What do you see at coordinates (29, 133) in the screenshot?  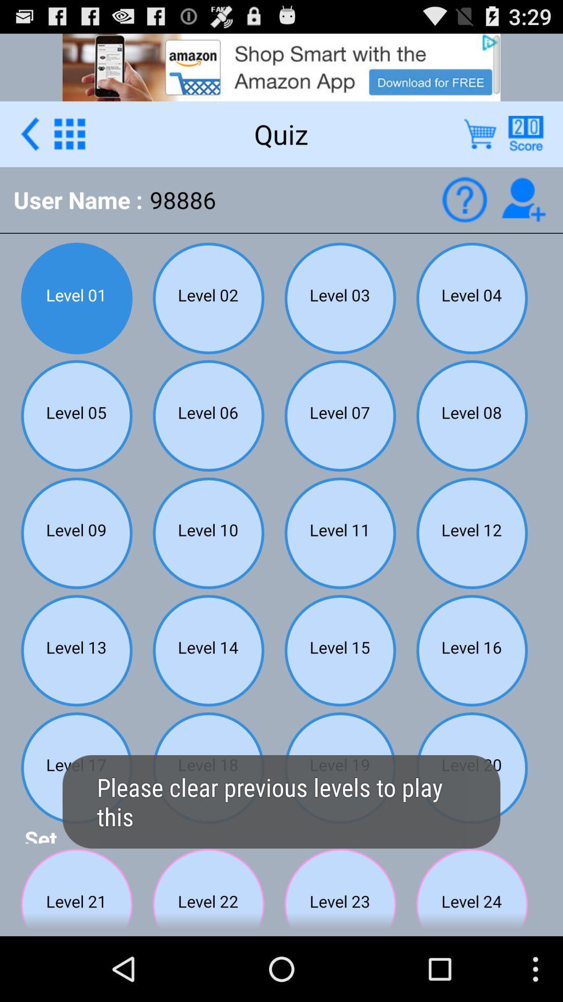 I see `go back` at bounding box center [29, 133].